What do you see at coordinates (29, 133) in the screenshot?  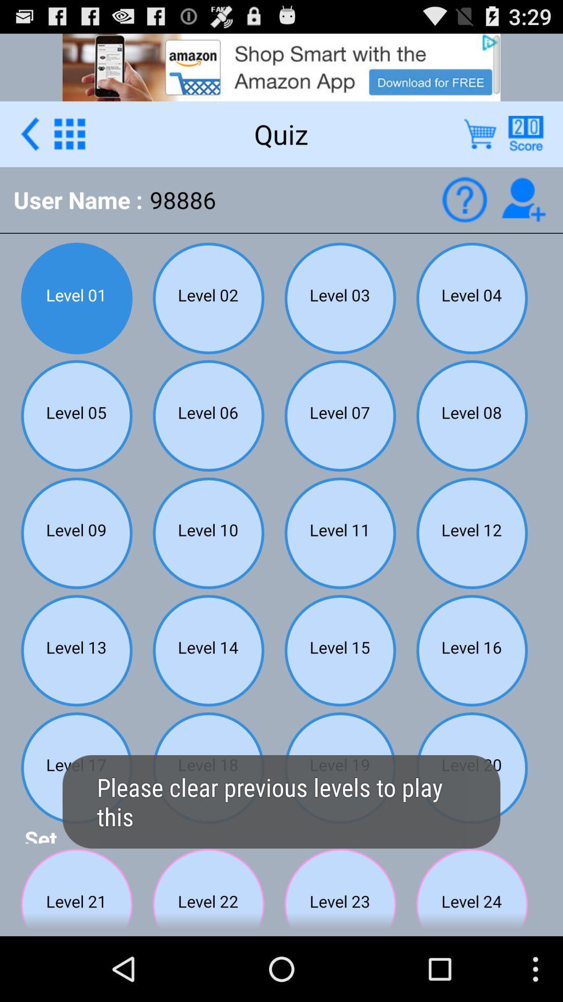 I see `go back` at bounding box center [29, 133].